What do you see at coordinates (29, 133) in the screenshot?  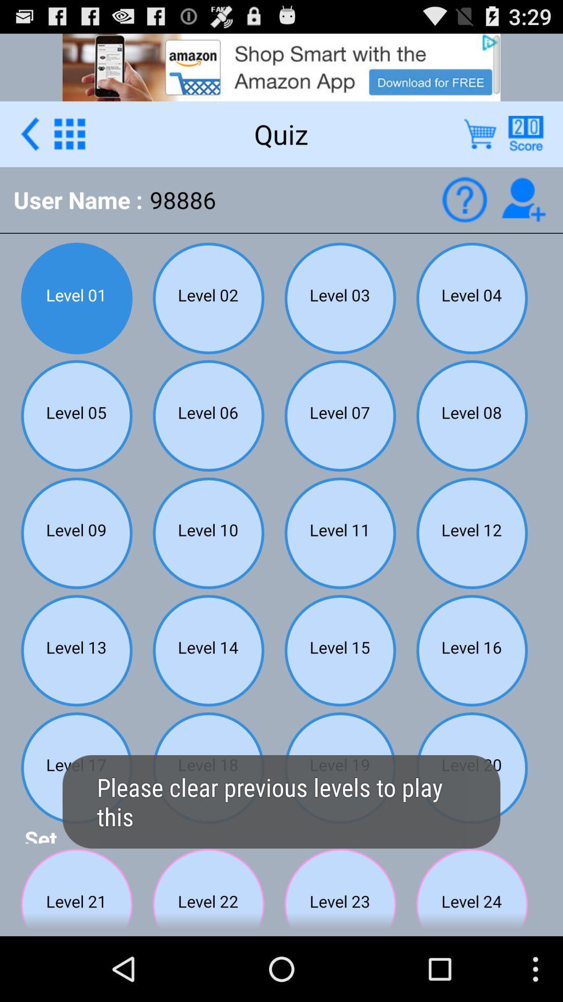 I see `go back` at bounding box center [29, 133].